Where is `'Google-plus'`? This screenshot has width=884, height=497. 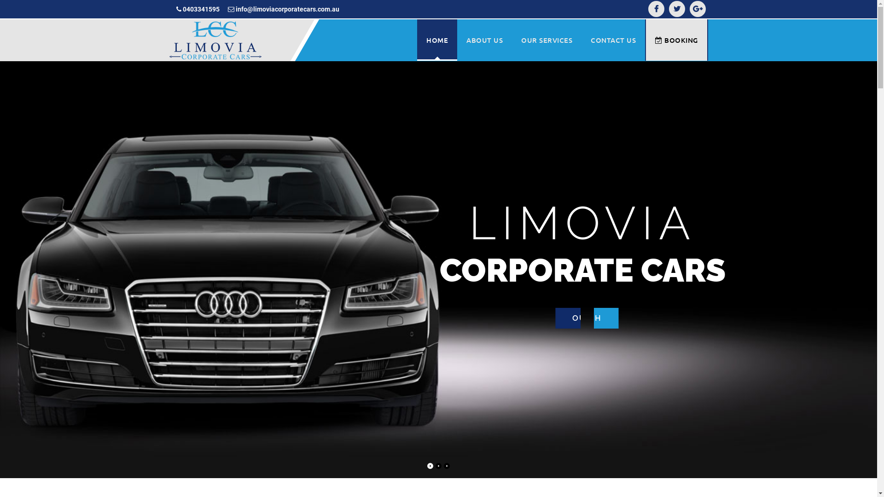
'Google-plus' is located at coordinates (698, 9).